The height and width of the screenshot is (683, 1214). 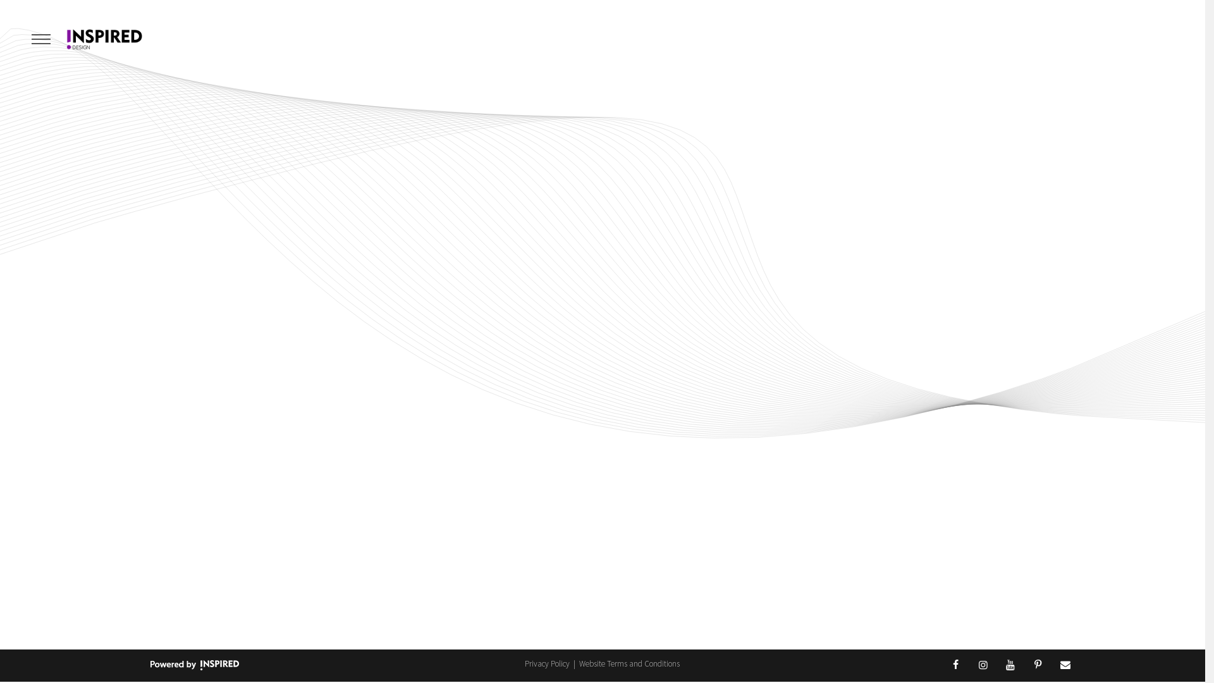 What do you see at coordinates (579, 663) in the screenshot?
I see `'Website Terms and Conditions'` at bounding box center [579, 663].